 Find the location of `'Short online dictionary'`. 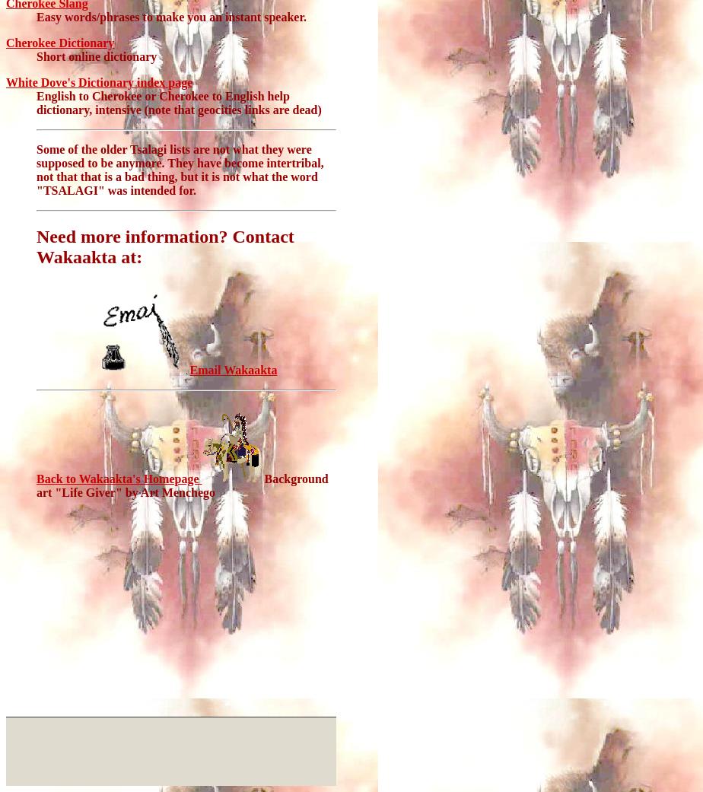

'Short online dictionary' is located at coordinates (95, 56).